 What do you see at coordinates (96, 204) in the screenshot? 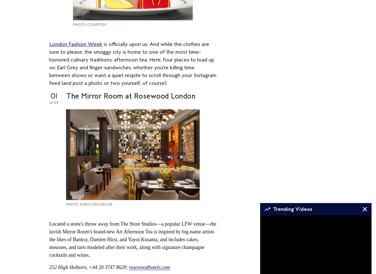
I see `'Durston Saylor'` at bounding box center [96, 204].